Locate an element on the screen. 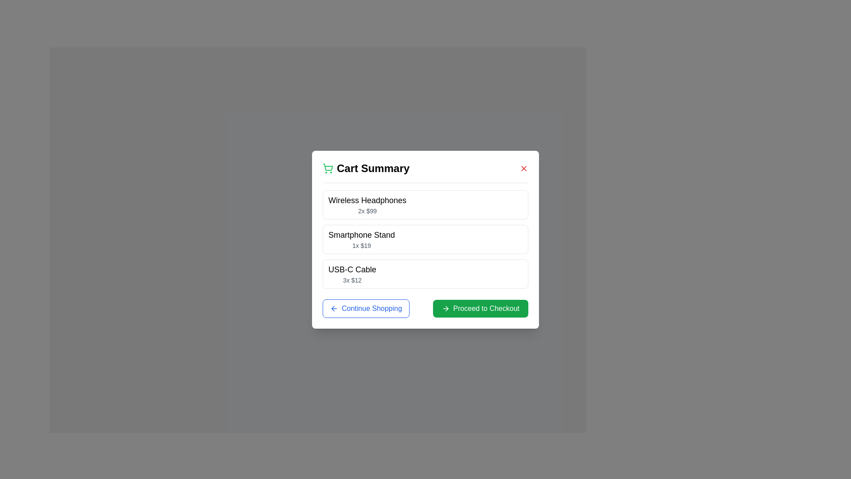 Image resolution: width=851 pixels, height=479 pixels. the 'Wireless Headphones' text display element in the Cart Summary section, which includes the pricing details on the second line is located at coordinates (367, 204).